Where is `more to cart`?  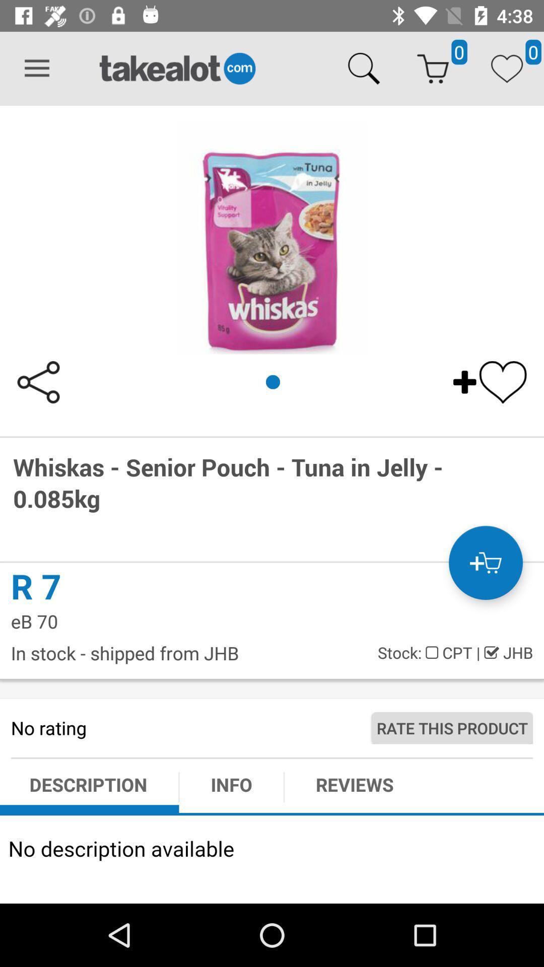
more to cart is located at coordinates (485, 562).